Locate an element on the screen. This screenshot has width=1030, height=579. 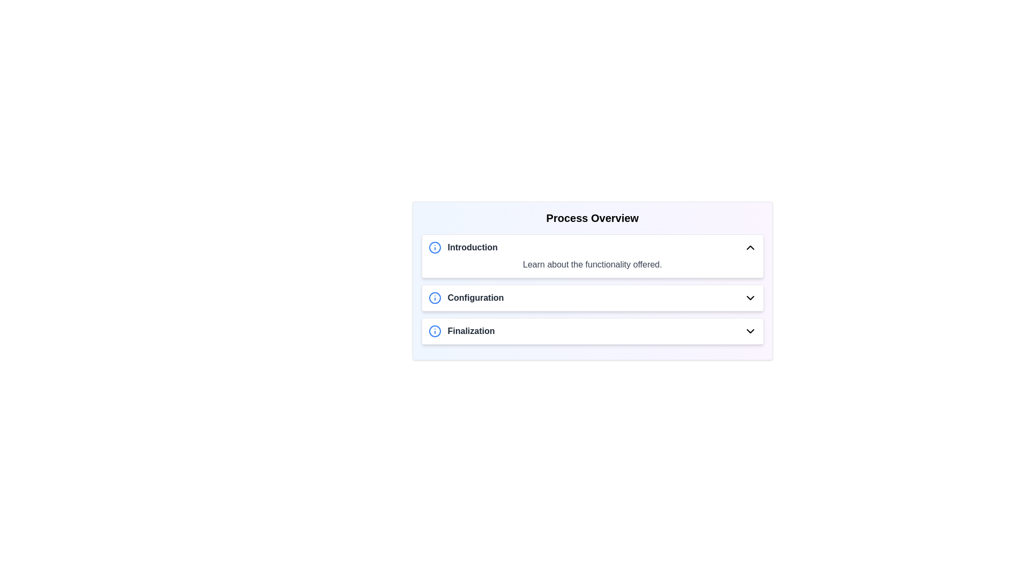
the Circular SVG element that signifies additional details or context, located at the bottom-most item of the stacked list in the interface is located at coordinates (435, 330).